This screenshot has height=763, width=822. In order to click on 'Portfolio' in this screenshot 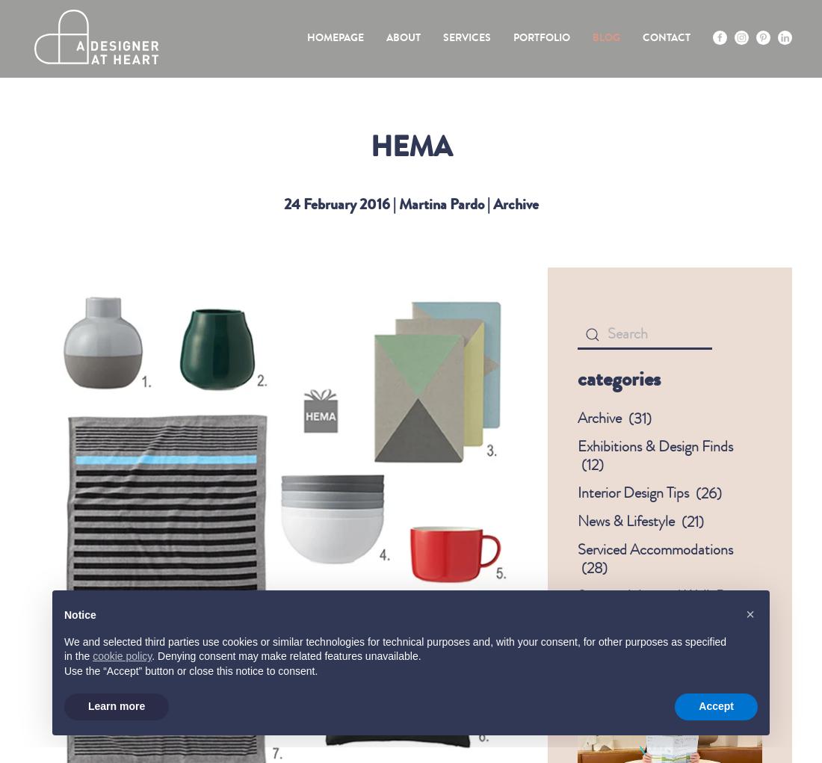, I will do `click(513, 37)`.